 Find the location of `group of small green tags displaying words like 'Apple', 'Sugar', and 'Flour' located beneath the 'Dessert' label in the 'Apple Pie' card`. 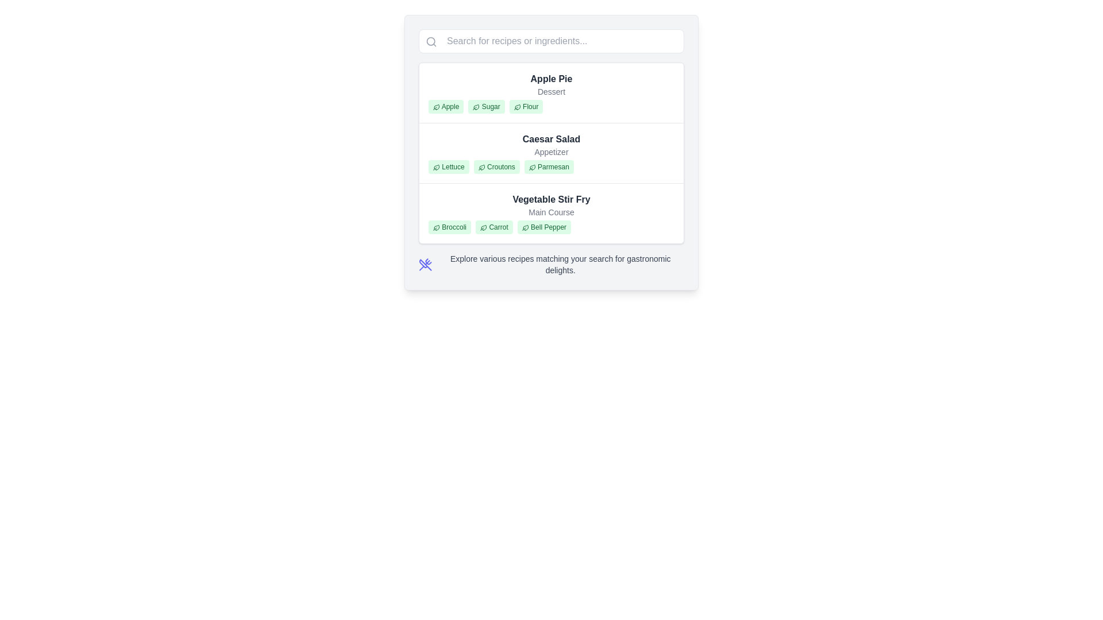

group of small green tags displaying words like 'Apple', 'Sugar', and 'Flour' located beneath the 'Dessert' label in the 'Apple Pie' card is located at coordinates (551, 106).